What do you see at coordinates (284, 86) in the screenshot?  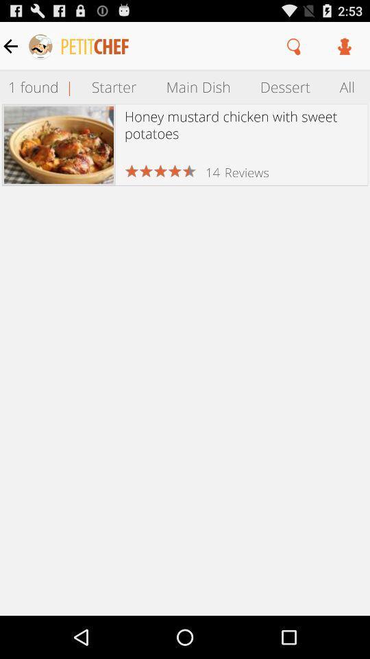 I see `the dessert item` at bounding box center [284, 86].